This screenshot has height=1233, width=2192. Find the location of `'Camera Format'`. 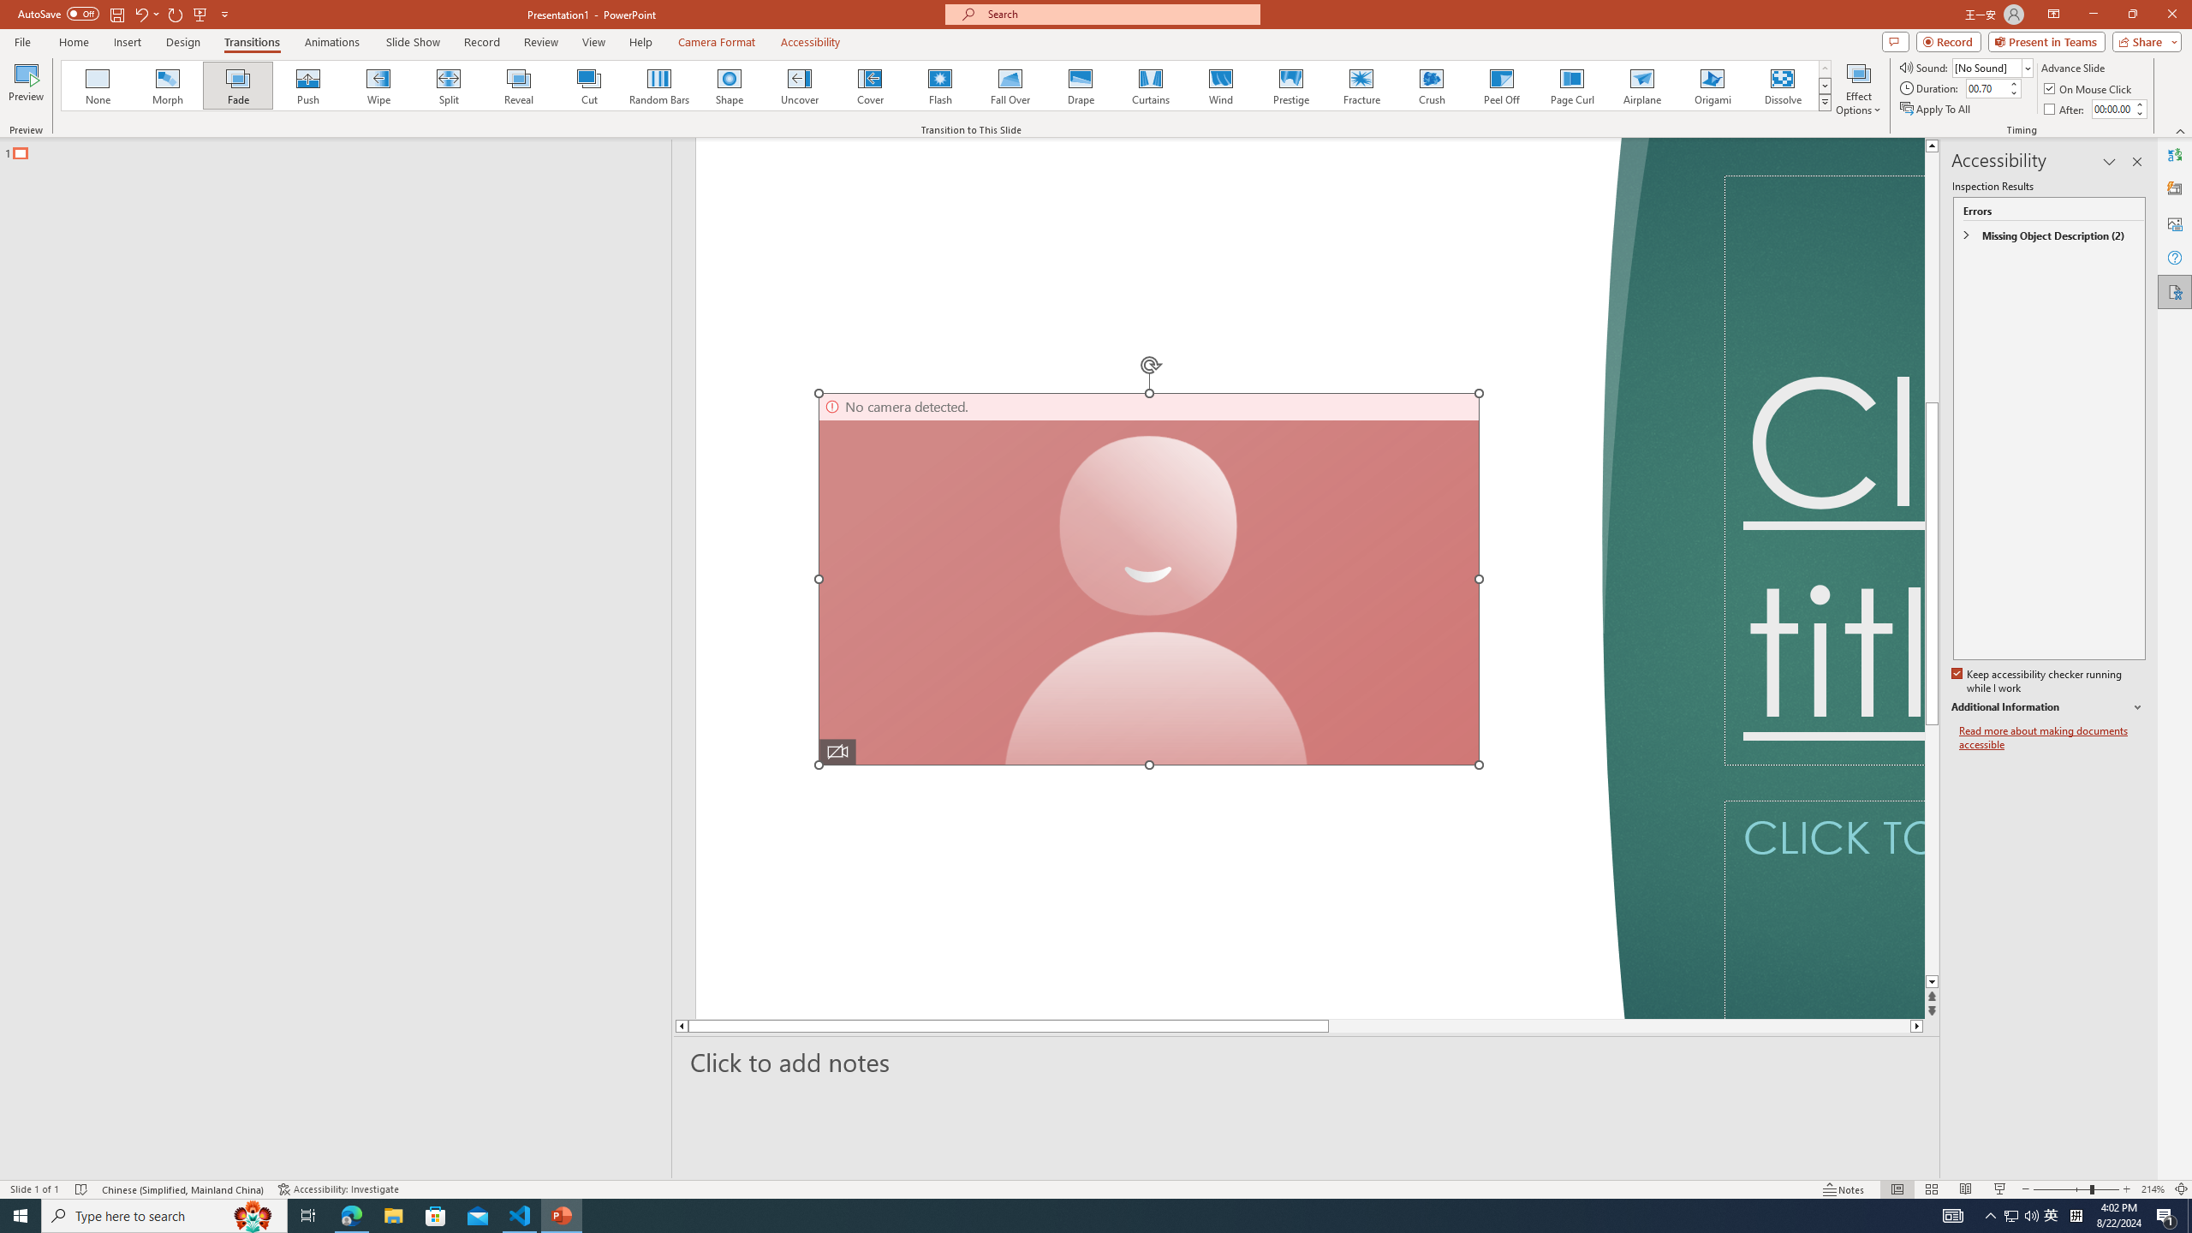

'Camera Format' is located at coordinates (716, 42).